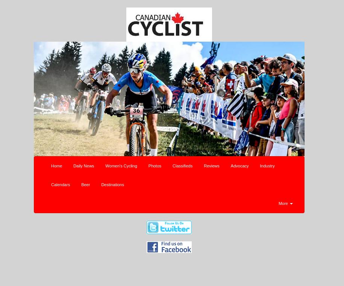 The width and height of the screenshot is (344, 286). What do you see at coordinates (147, 165) in the screenshot?
I see `'Photos'` at bounding box center [147, 165].